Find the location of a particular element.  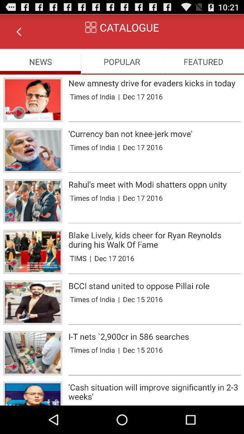

the item below bcci stand united is located at coordinates (119, 299).